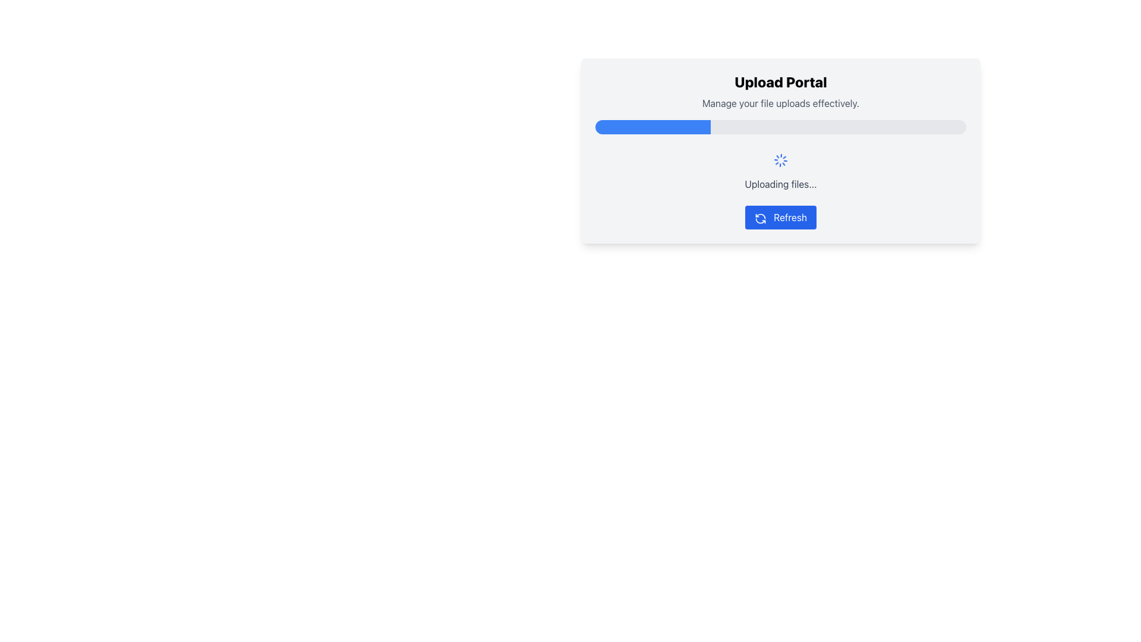 The height and width of the screenshot is (642, 1141). What do you see at coordinates (610, 127) in the screenshot?
I see `the blue section of the progress bar indicating 10% completion within the 'Upload Portal' panel` at bounding box center [610, 127].